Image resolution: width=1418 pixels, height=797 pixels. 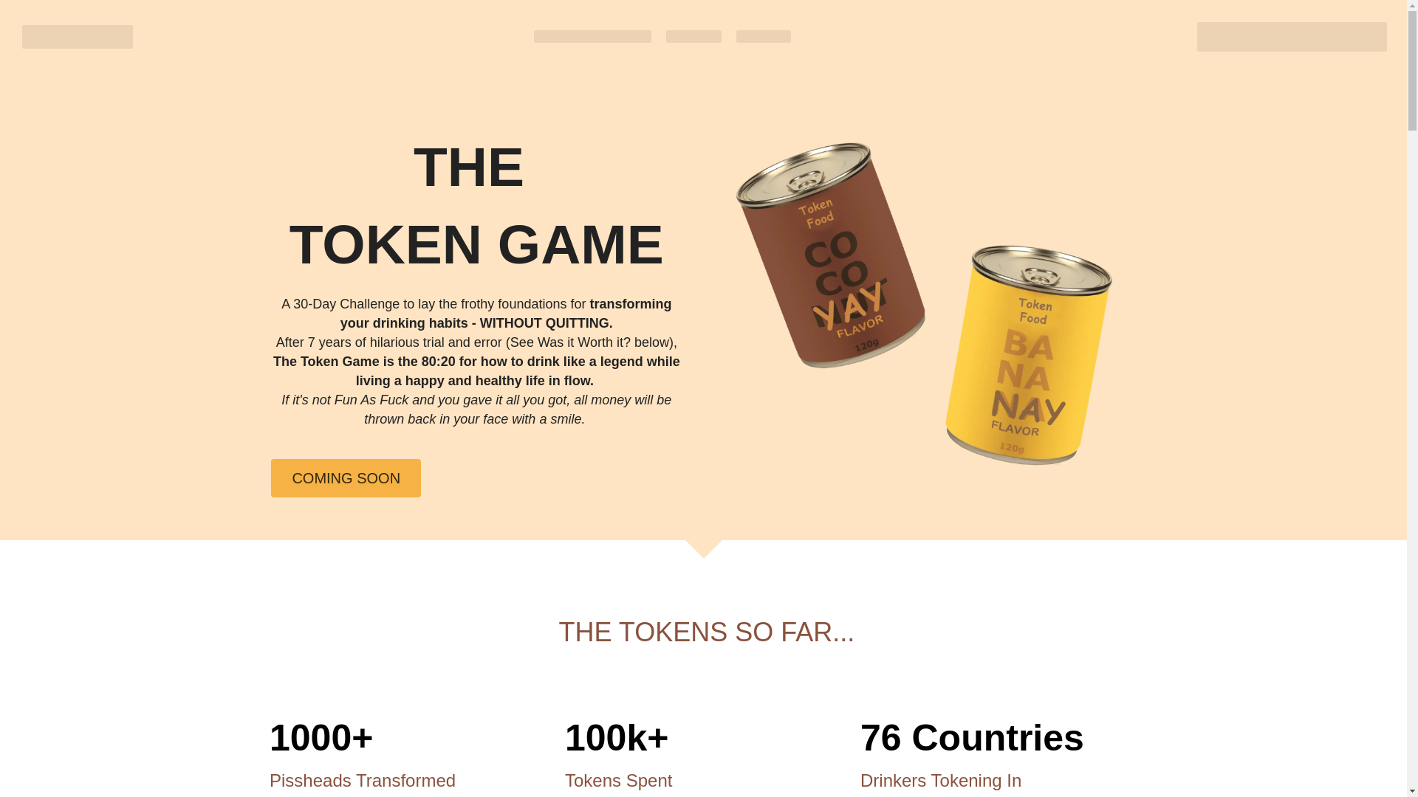 I want to click on 'PLAYERS', so click(x=763, y=35).